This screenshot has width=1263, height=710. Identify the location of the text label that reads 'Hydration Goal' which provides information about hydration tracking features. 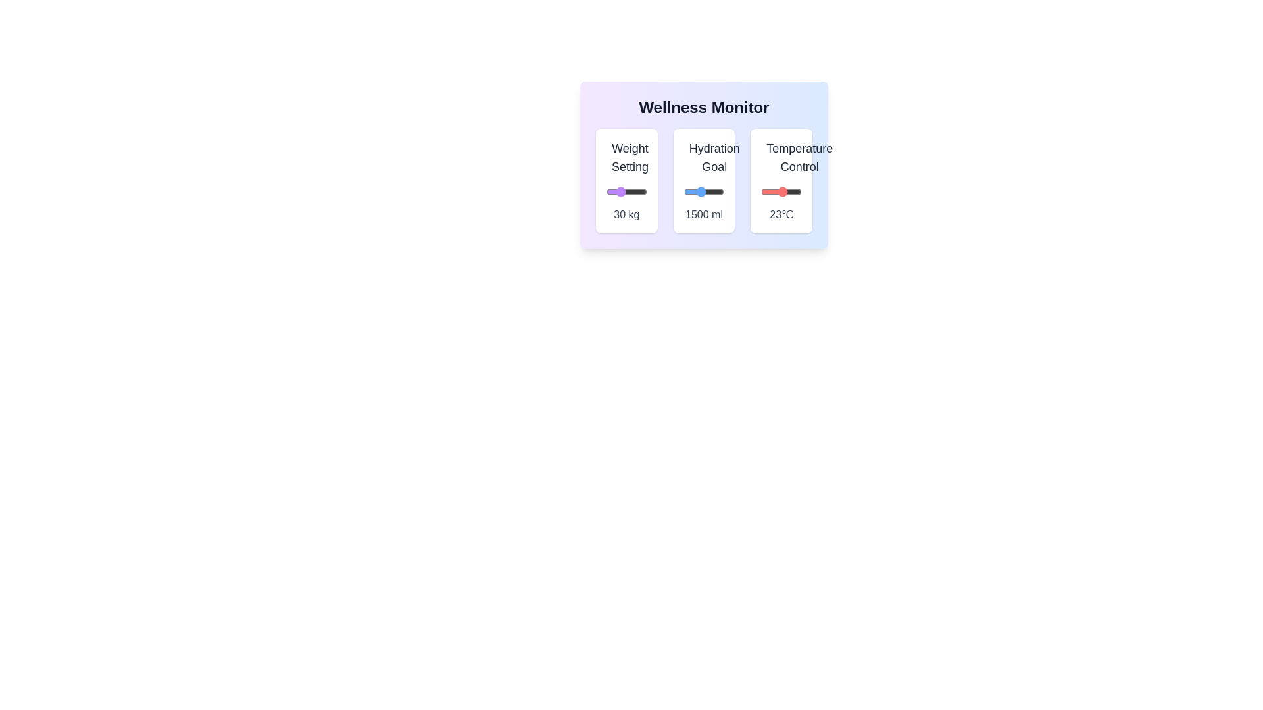
(714, 156).